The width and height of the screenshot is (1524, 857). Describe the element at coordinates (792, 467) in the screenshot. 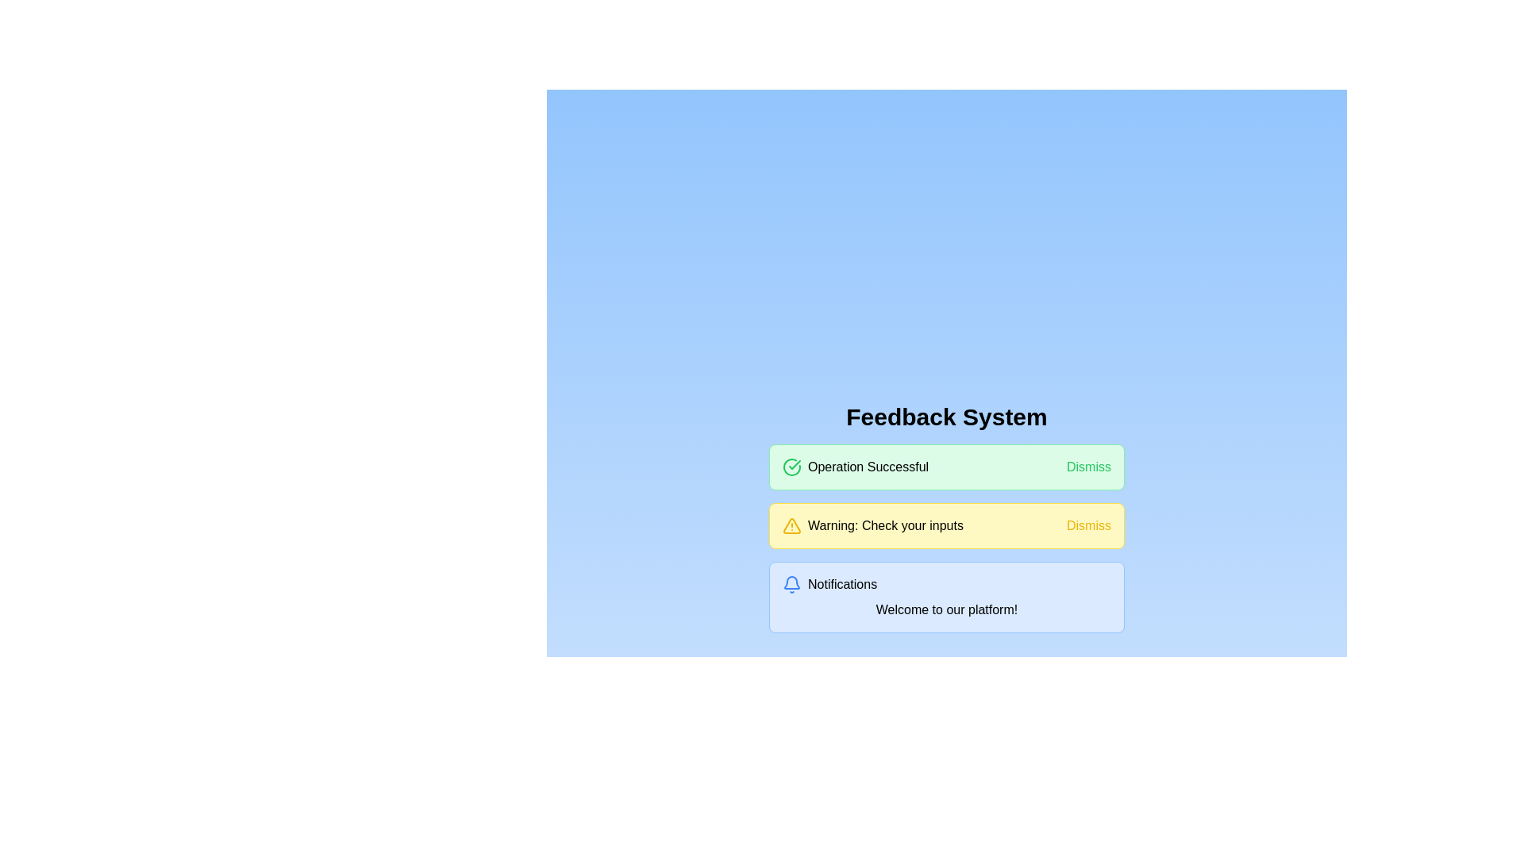

I see `the success confirmation icon located in the topmost notification area, adjacent to the 'Operation Successful' text` at that location.